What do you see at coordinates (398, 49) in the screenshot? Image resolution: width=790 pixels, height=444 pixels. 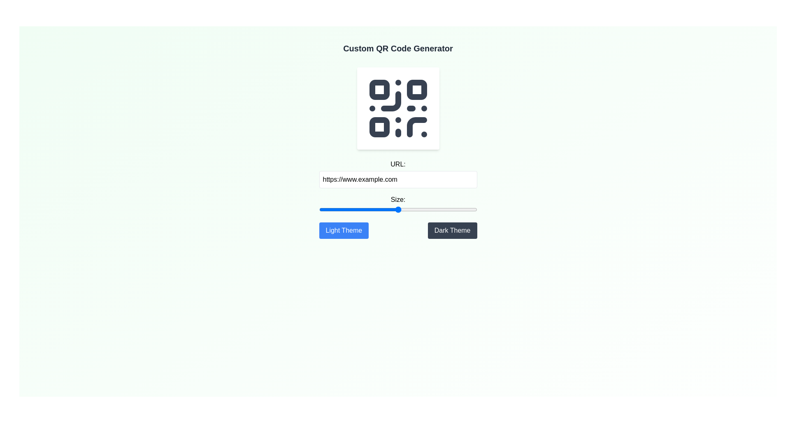 I see `static text element that serves as a heading or title, positioned at the upper center of the interface above the QR code image and input fields` at bounding box center [398, 49].